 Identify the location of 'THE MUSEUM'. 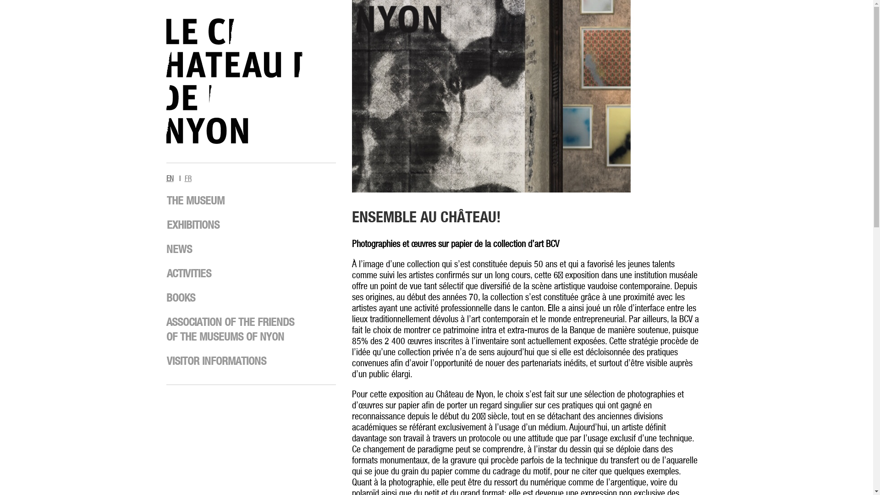
(195, 199).